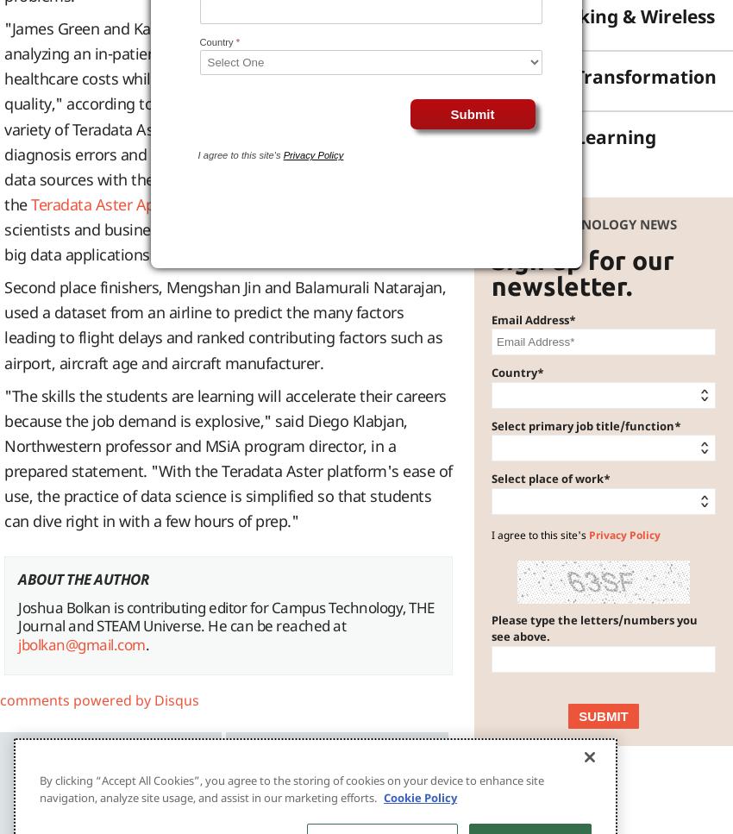 The image size is (733, 834). What do you see at coordinates (584, 224) in the screenshot?
I see `'CAMPUS TECHNOLOGY NEWS'` at bounding box center [584, 224].